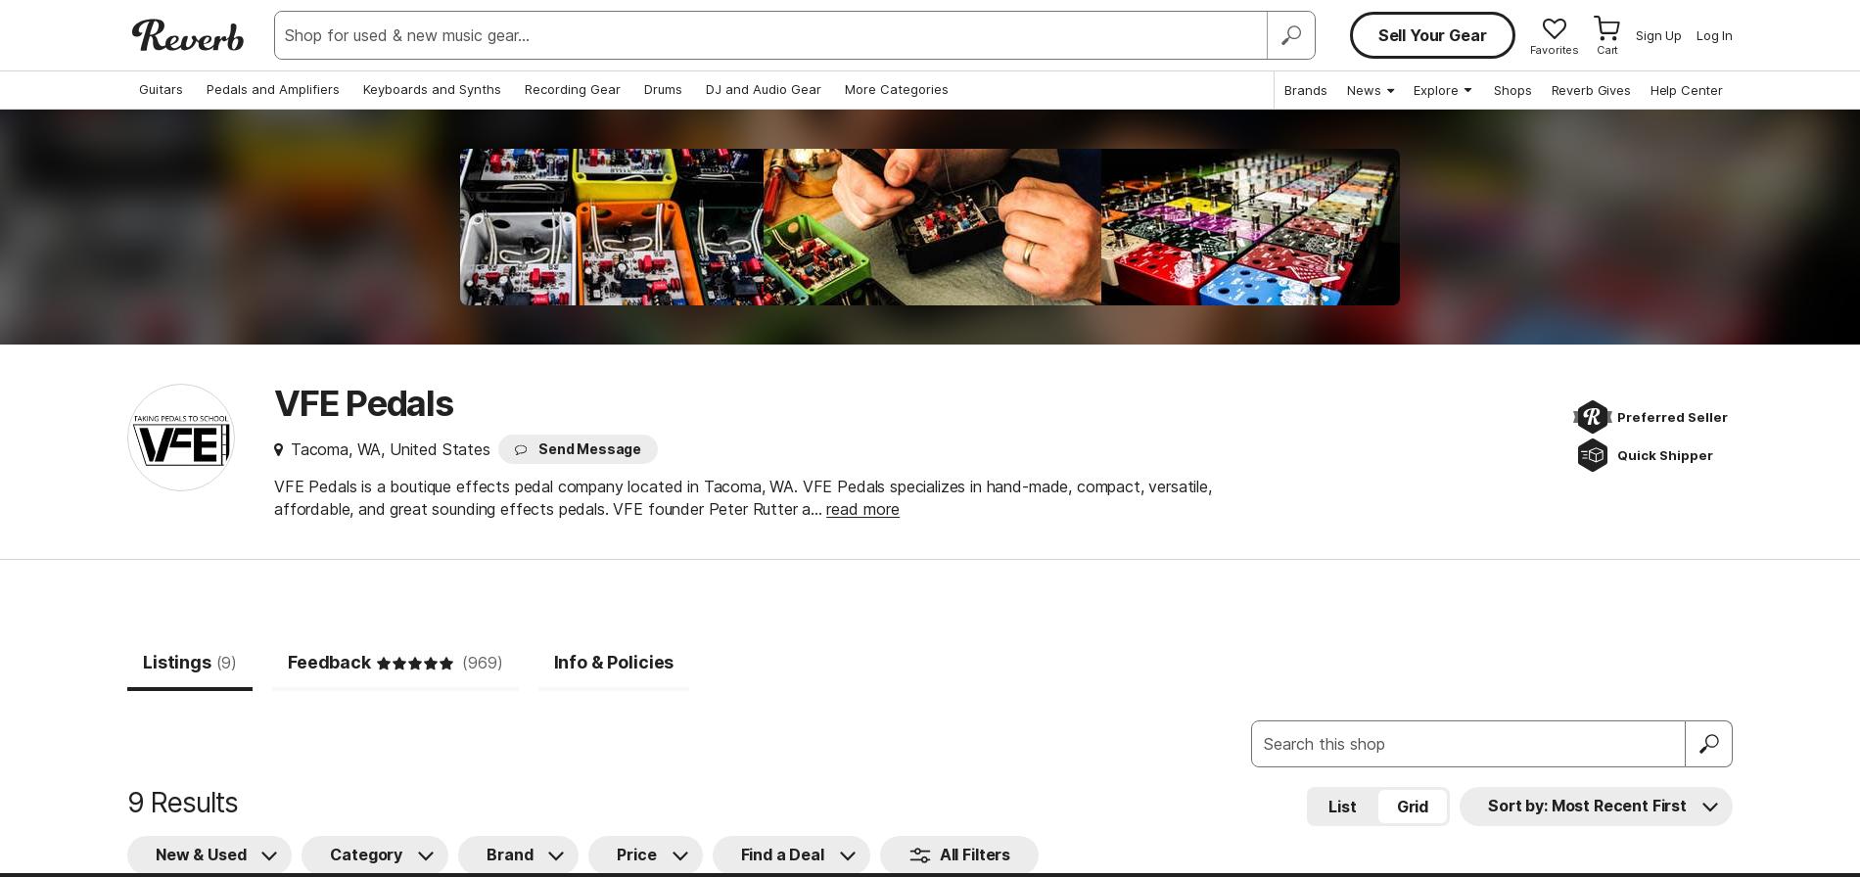 The image size is (1860, 877). Describe the element at coordinates (509, 854) in the screenshot. I see `'Brand'` at that location.